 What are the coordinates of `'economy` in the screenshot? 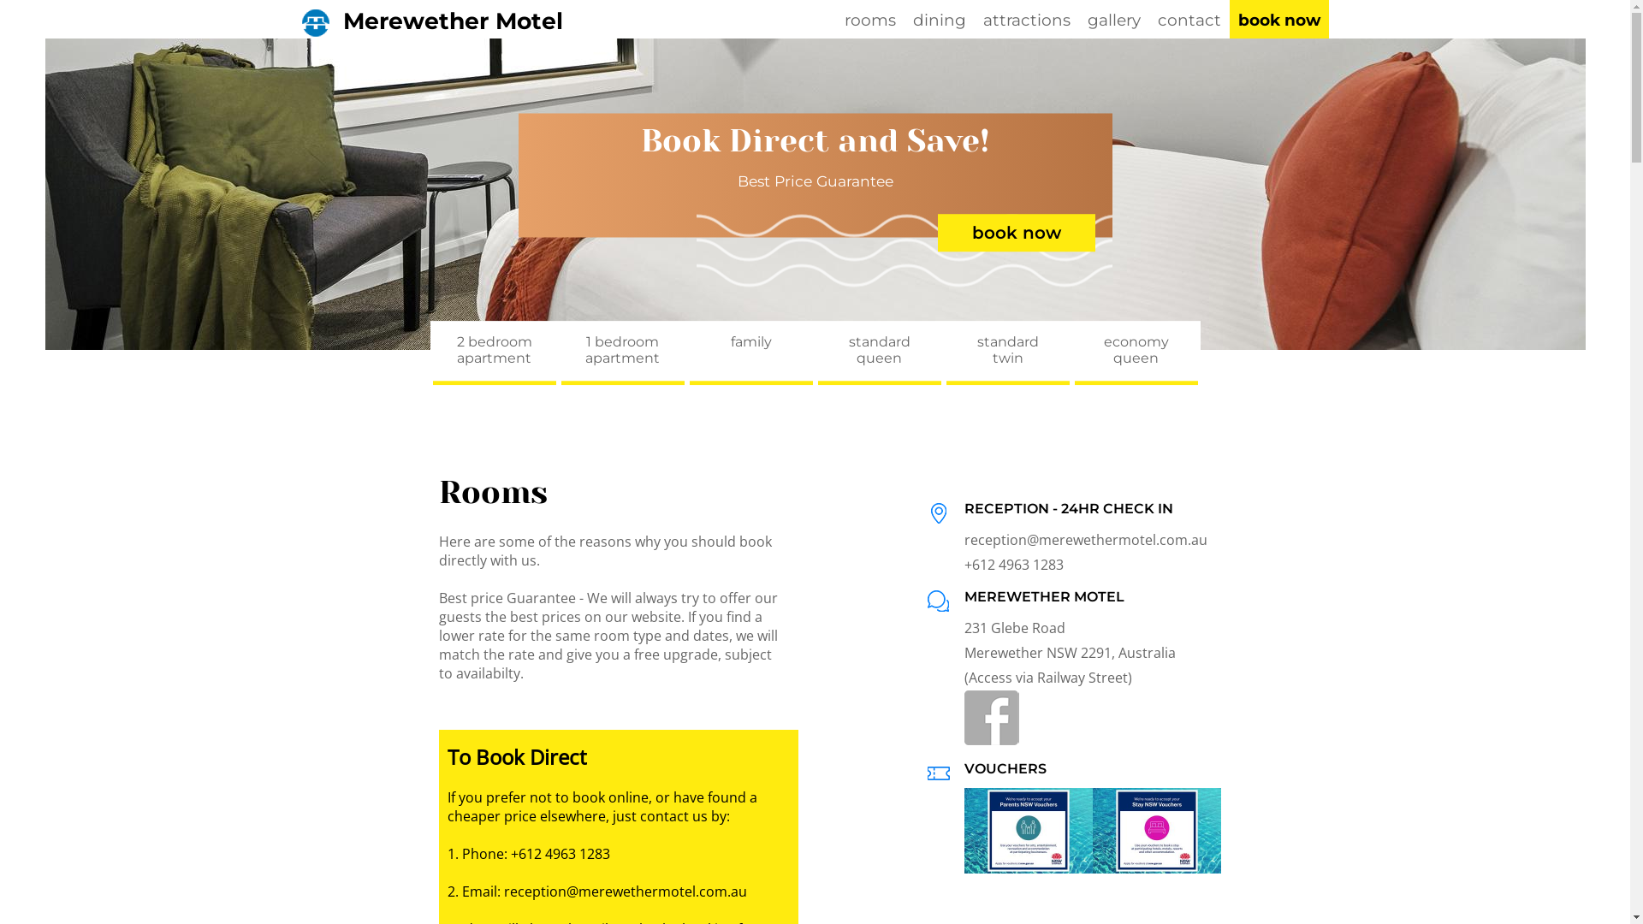 It's located at (1135, 354).